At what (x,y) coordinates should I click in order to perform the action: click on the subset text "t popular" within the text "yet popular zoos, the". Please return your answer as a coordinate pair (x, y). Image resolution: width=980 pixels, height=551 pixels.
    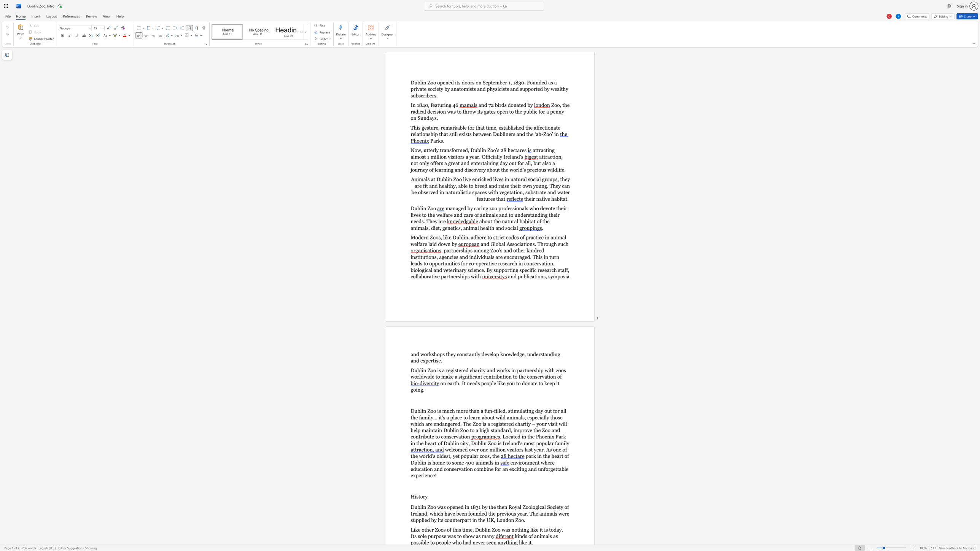
    Looking at the image, I should click on (458, 456).